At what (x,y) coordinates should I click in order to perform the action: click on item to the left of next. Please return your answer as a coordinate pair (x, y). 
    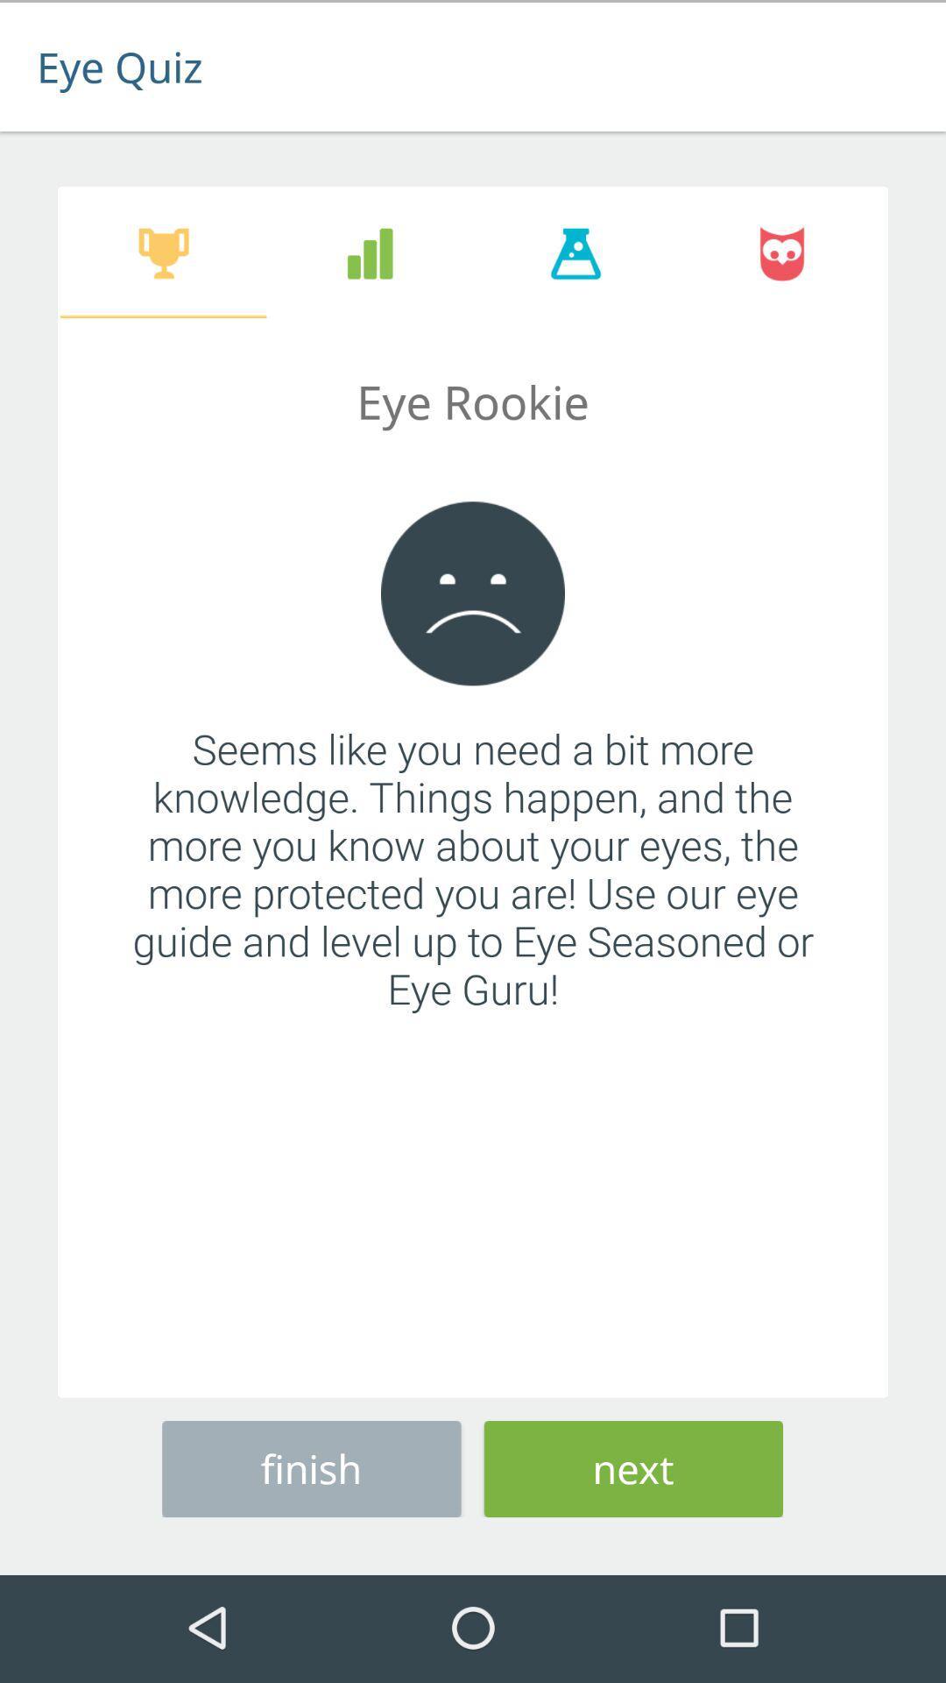
    Looking at the image, I should click on (310, 1466).